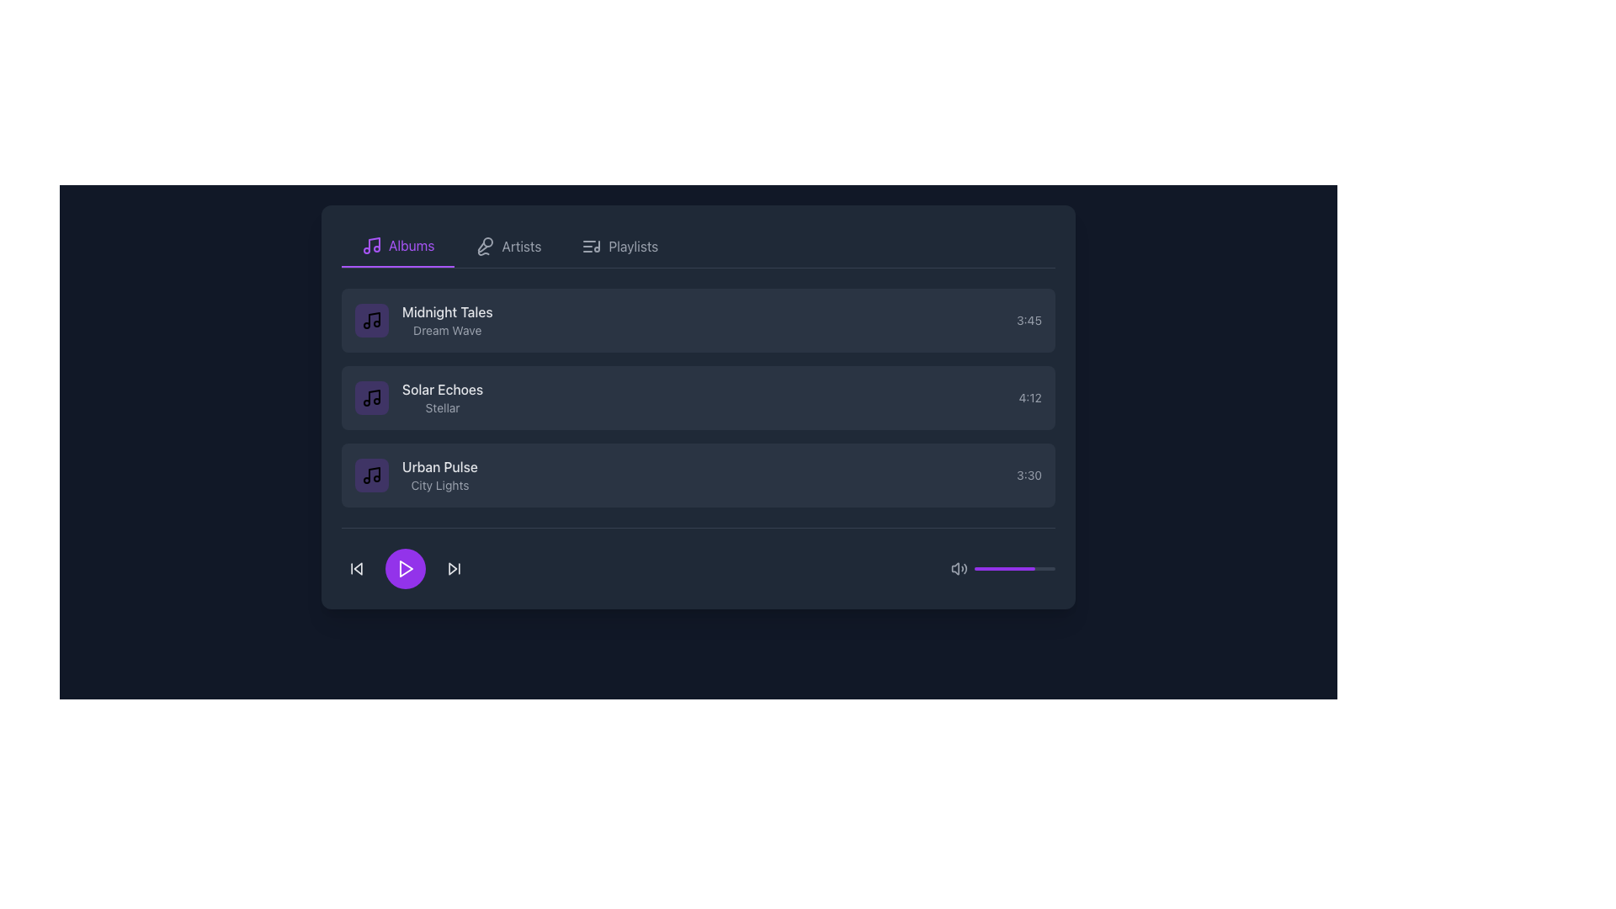 The width and height of the screenshot is (1616, 909). What do you see at coordinates (447, 311) in the screenshot?
I see `the title text of the musical item, which is the first text item in a vertically stacked list, positioned to the right of a music note icon` at bounding box center [447, 311].